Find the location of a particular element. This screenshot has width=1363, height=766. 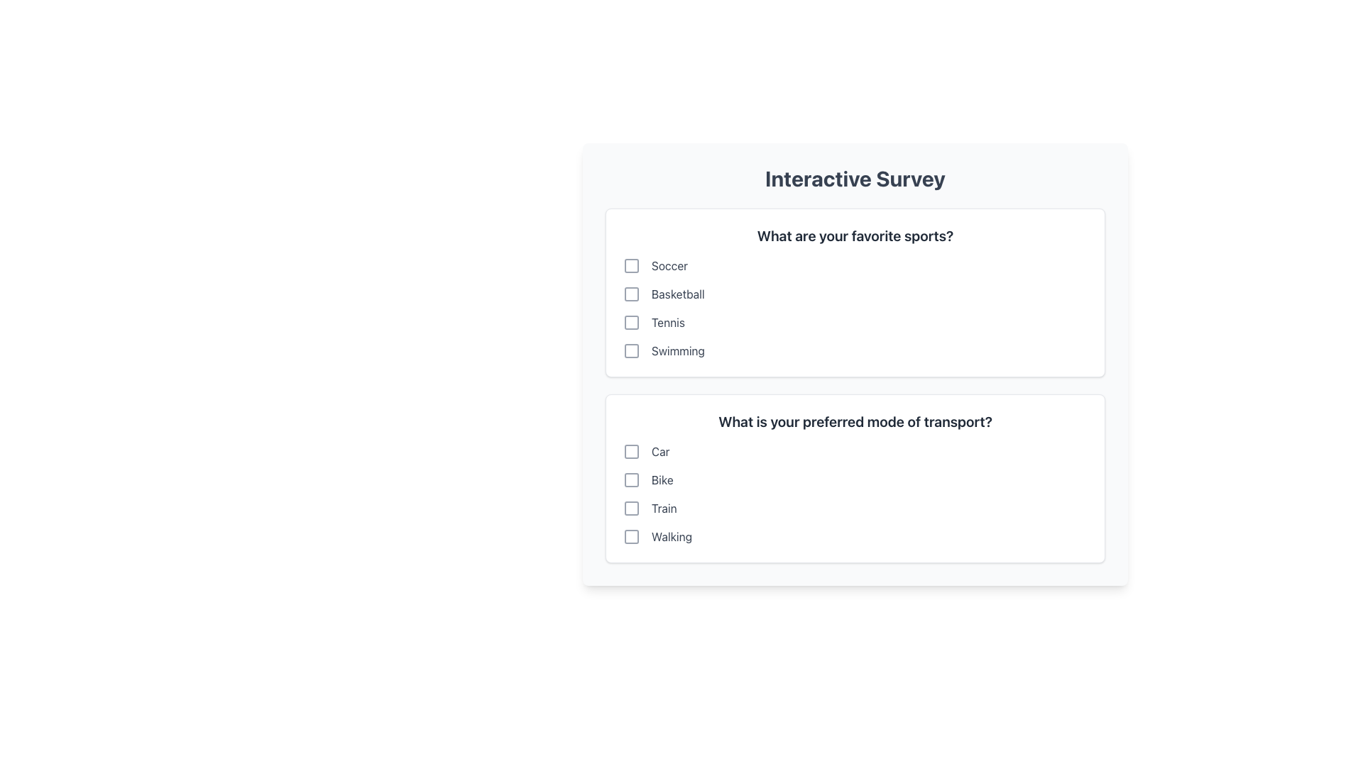

the checkbox labeled 'Swimming' is located at coordinates (854, 350).